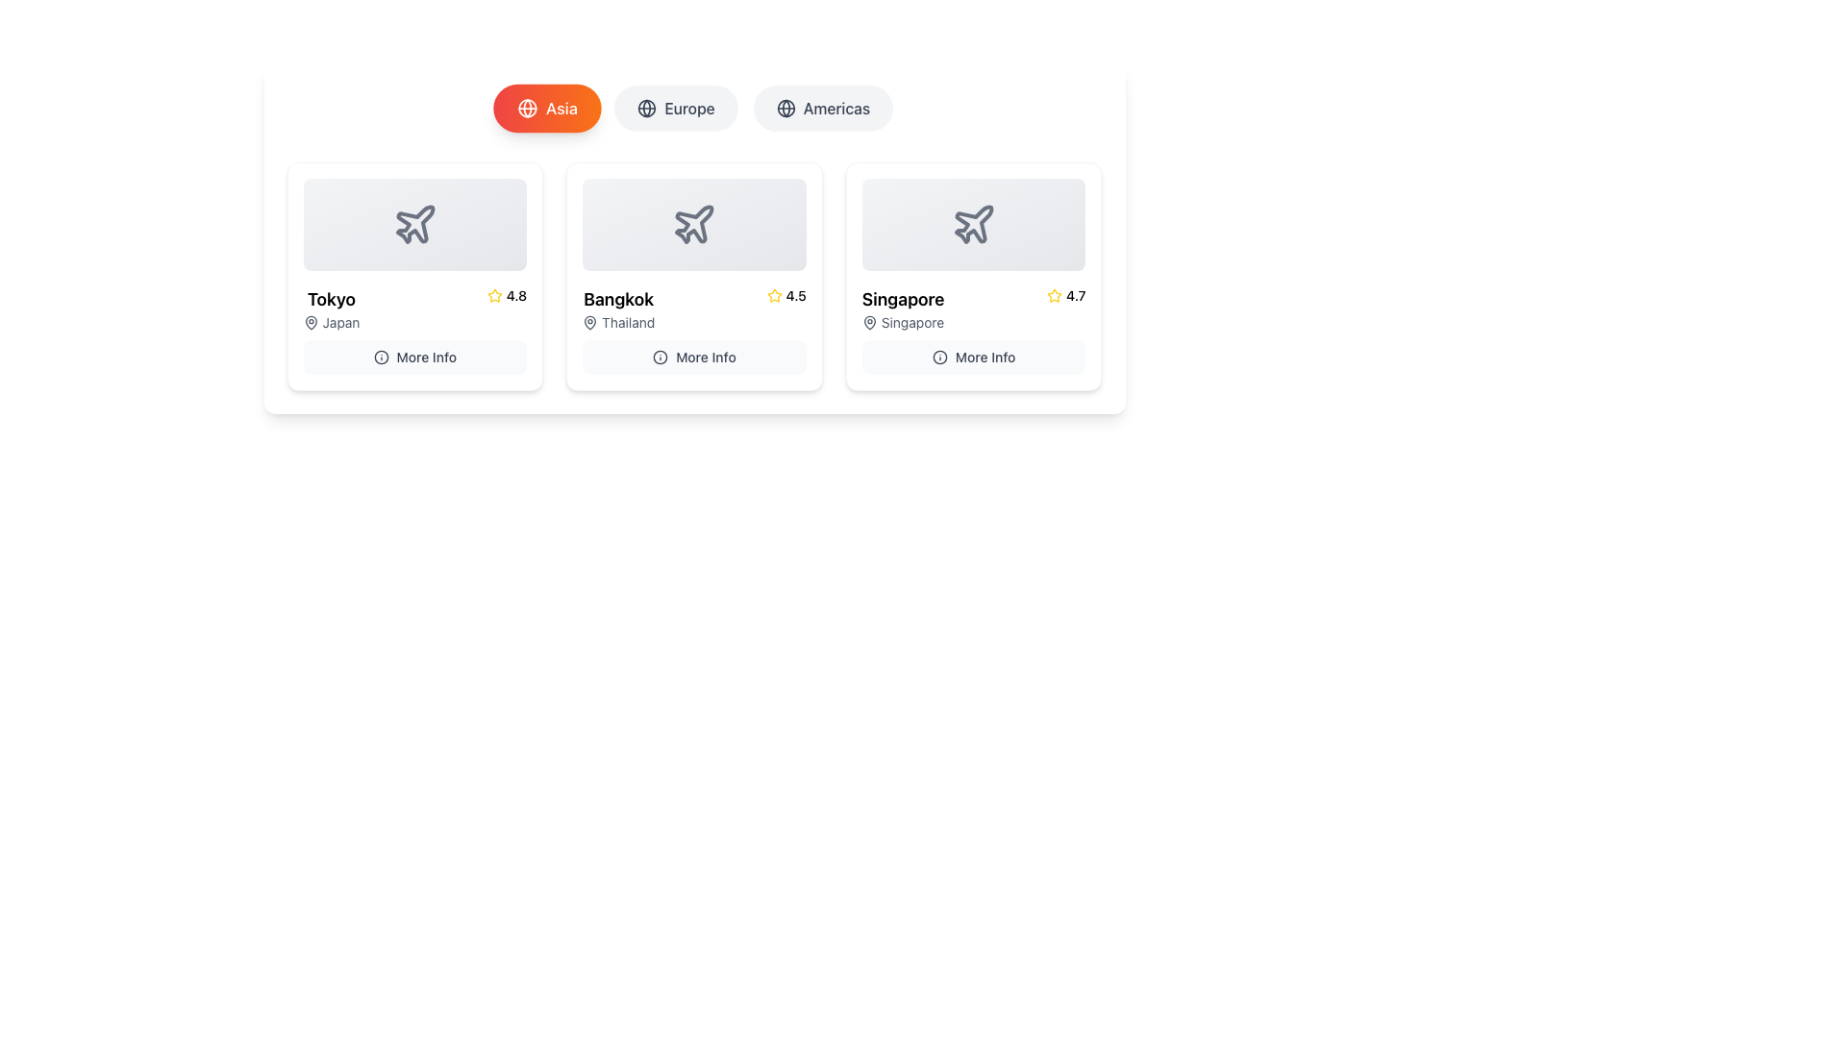  What do you see at coordinates (974, 224) in the screenshot?
I see `the airplane-shaped icon that is gray and changes to blue when hovered over, located in the Singapore card in the third column of the card group` at bounding box center [974, 224].